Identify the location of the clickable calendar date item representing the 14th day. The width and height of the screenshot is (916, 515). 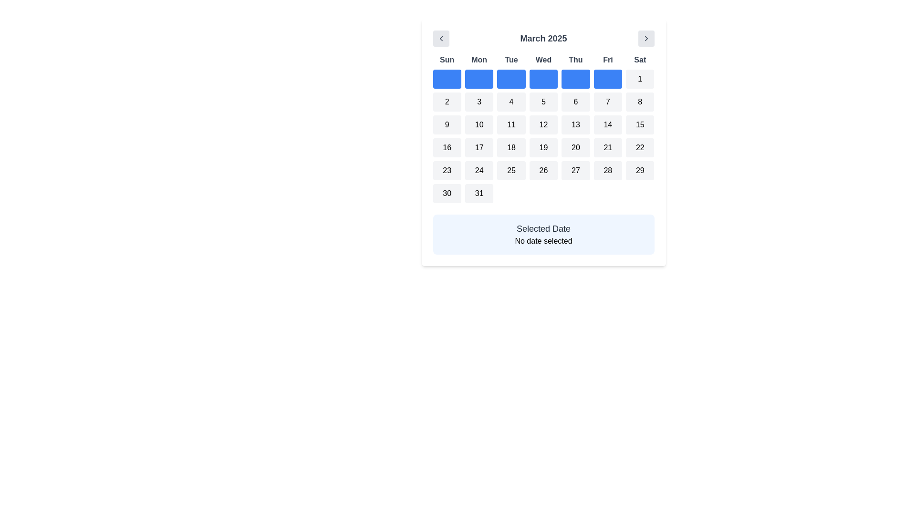
(607, 124).